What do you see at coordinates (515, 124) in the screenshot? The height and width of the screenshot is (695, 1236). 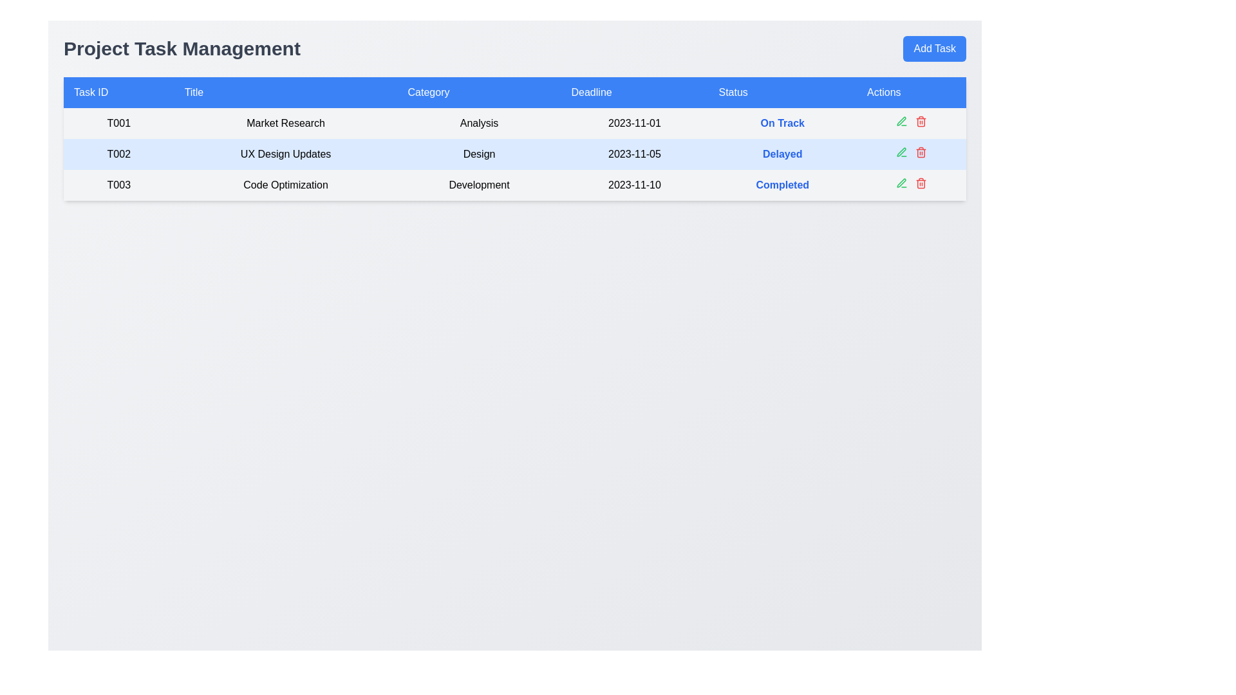 I see `the interactive elements within the first row of the table that displays task information, including Task ID, Title, Category, Deadline, Status, and Actions` at bounding box center [515, 124].